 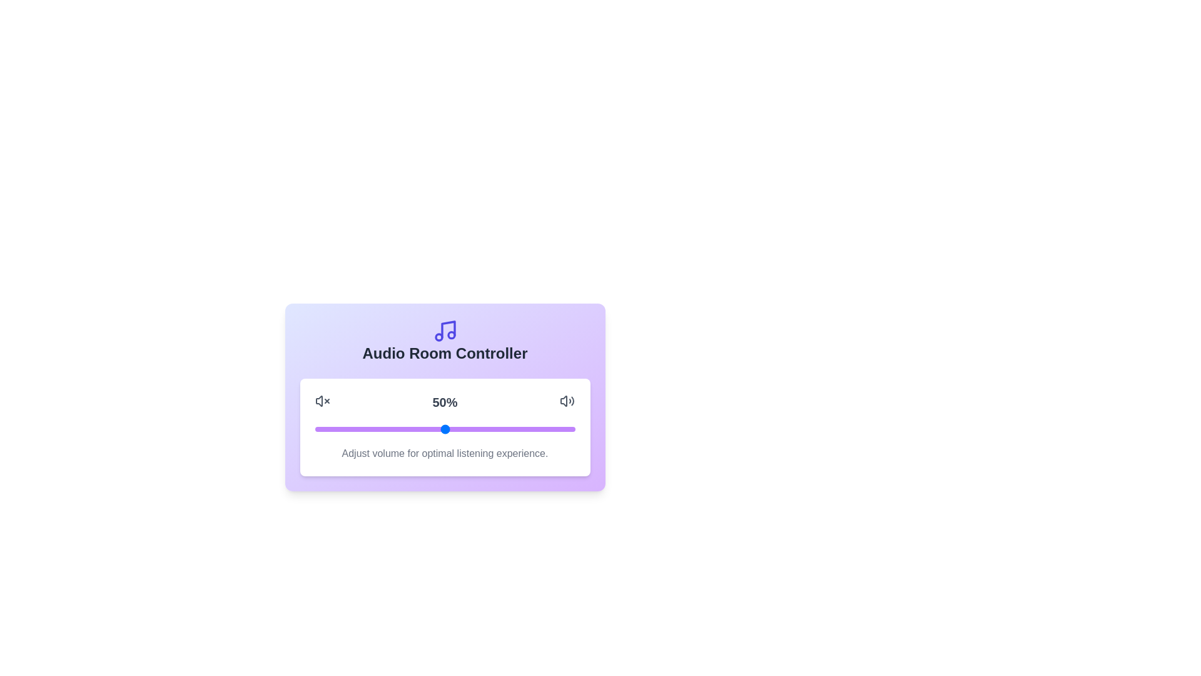 I want to click on the mute icon to toggle mute state, so click(x=322, y=401).